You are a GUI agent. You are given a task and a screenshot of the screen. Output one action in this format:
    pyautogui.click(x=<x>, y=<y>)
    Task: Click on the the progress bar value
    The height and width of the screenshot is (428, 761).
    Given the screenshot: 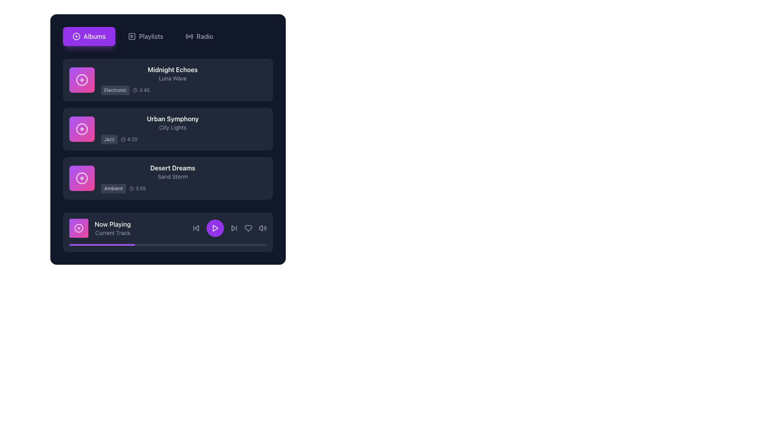 What is the action you would take?
    pyautogui.click(x=115, y=244)
    